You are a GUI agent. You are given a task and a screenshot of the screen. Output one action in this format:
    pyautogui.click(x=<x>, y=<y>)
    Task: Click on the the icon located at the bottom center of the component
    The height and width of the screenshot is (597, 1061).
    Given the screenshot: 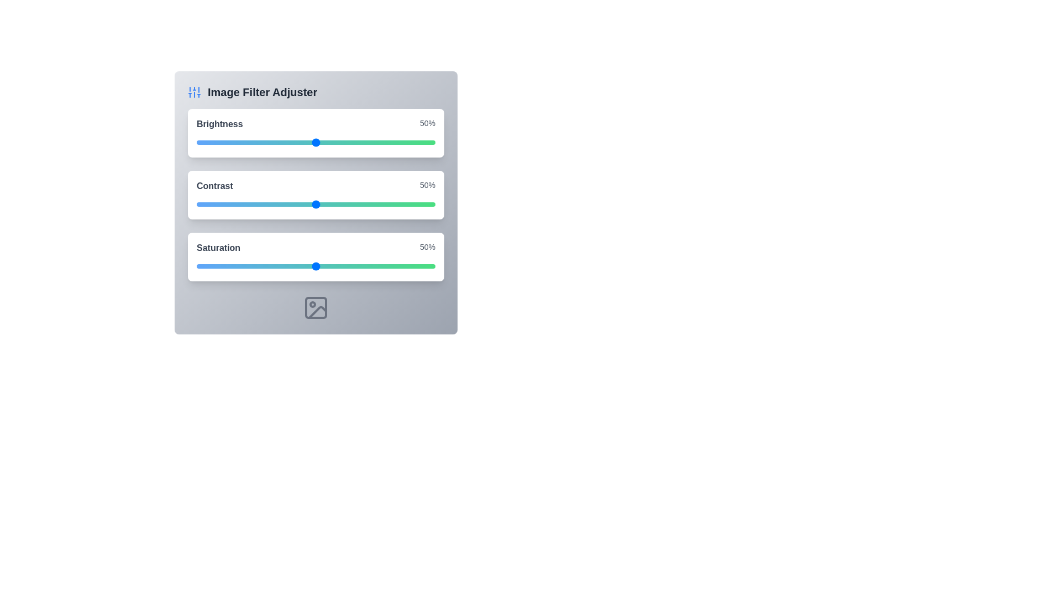 What is the action you would take?
    pyautogui.click(x=315, y=307)
    